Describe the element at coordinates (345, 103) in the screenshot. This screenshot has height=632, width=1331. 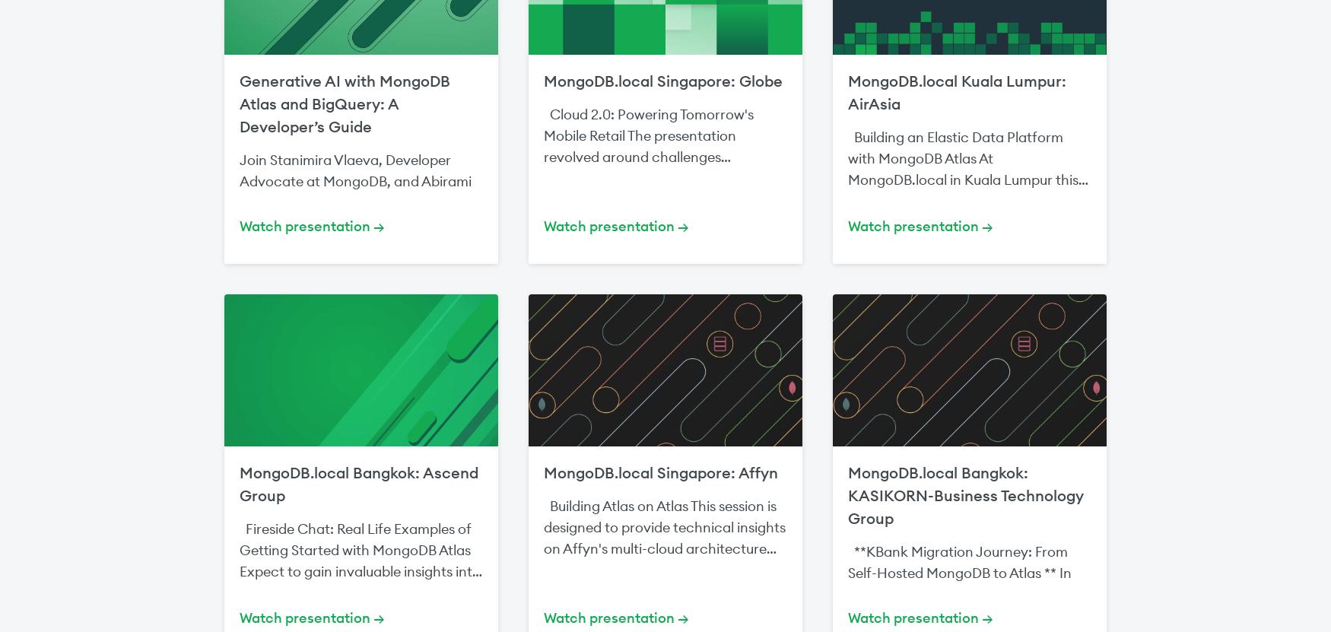
I see `'Generative AI with MongoDB Atlas and BigQuery: A Developer’s Guide'` at that location.